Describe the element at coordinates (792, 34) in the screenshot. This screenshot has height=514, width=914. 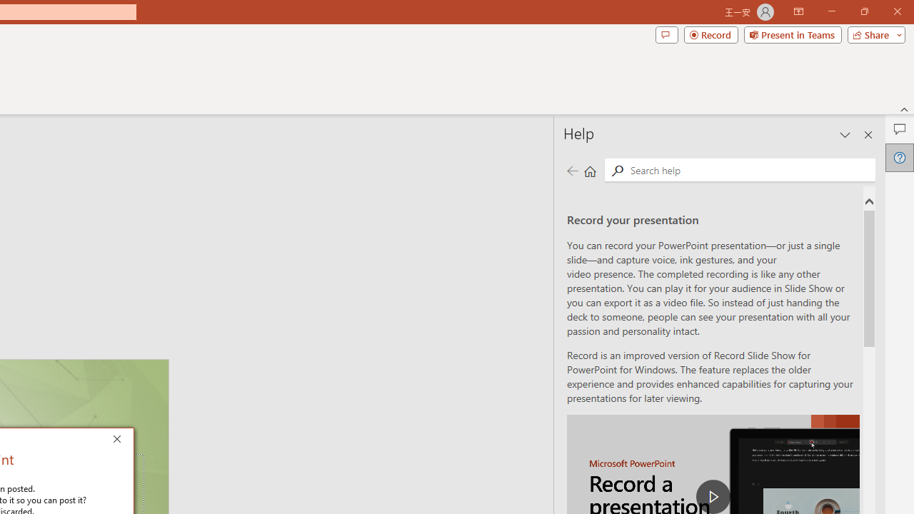
I see `'Present in Teams'` at that location.